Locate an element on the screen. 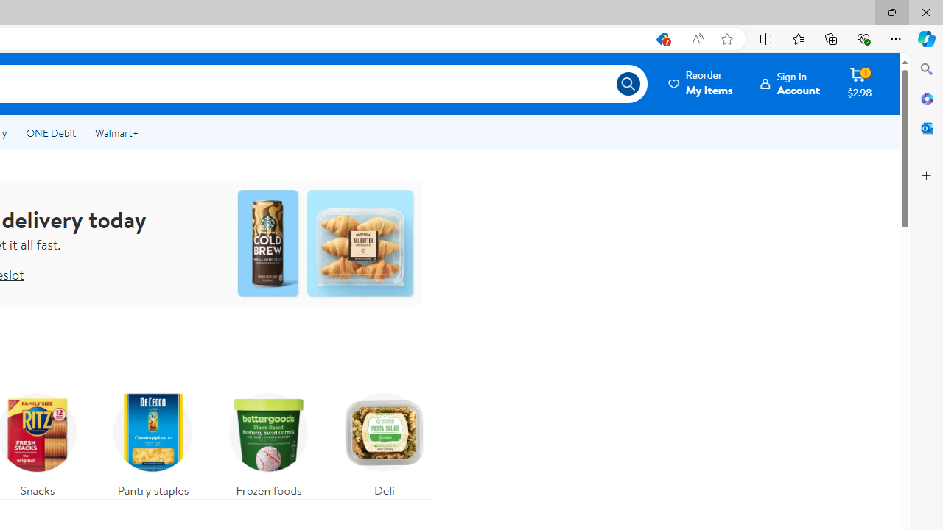 Image resolution: width=943 pixels, height=530 pixels. 'Deli' is located at coordinates (385, 440).